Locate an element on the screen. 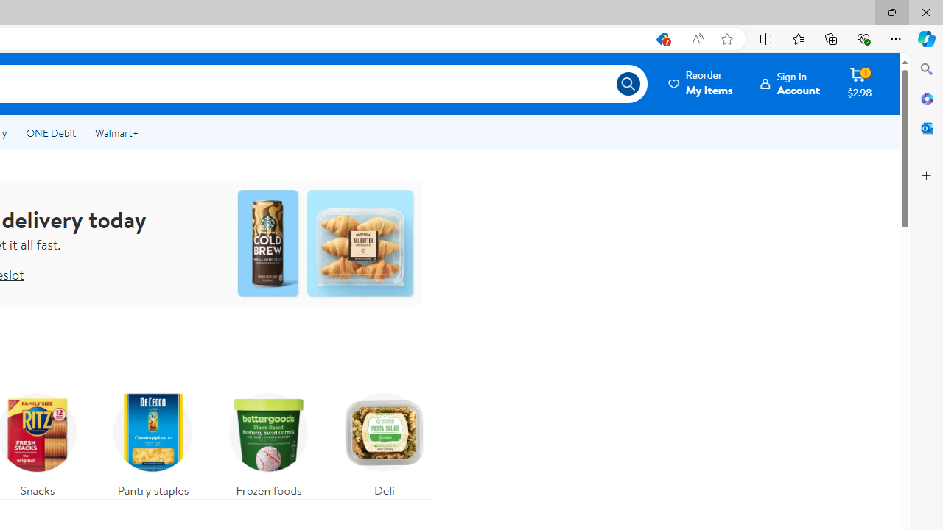 Image resolution: width=943 pixels, height=530 pixels. 'Deli' is located at coordinates (385, 440).